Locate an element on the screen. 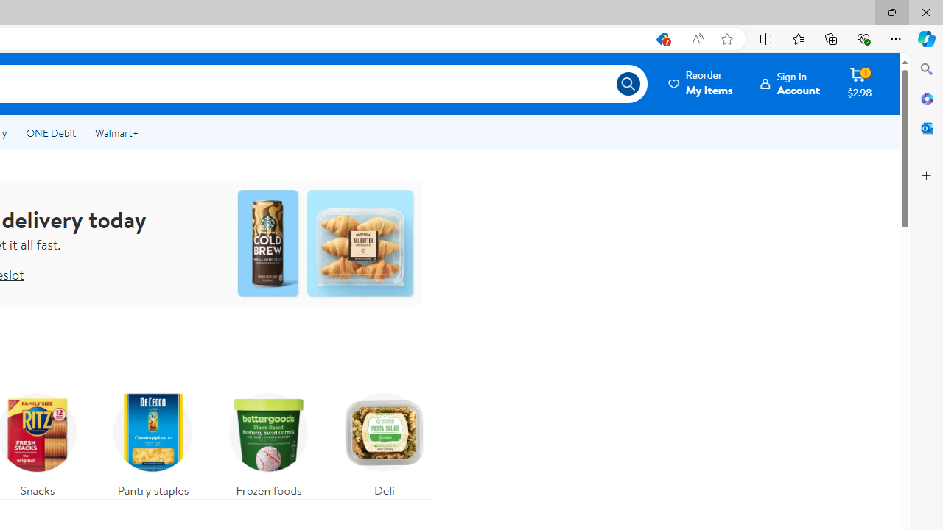 Image resolution: width=943 pixels, height=530 pixels. 'Deli' is located at coordinates (385, 440).